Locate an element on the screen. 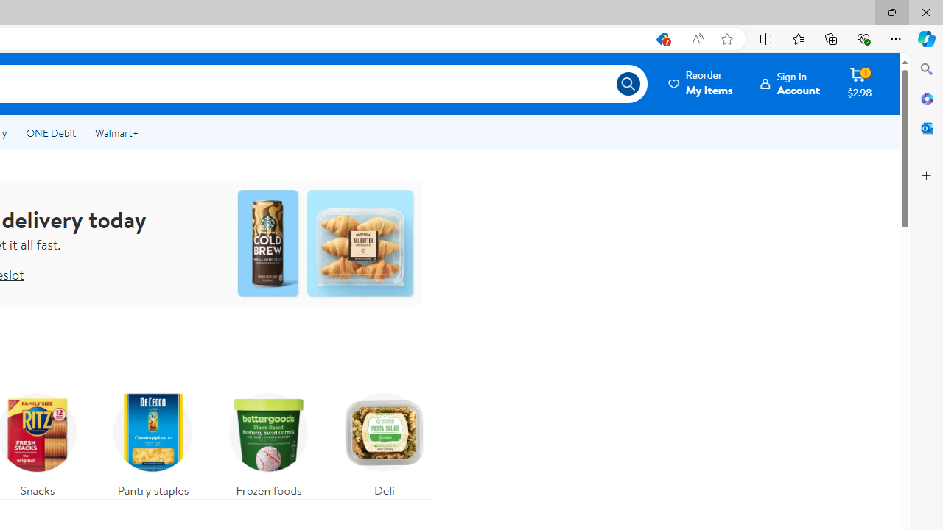 Image resolution: width=943 pixels, height=530 pixels. 'Deli' is located at coordinates (385, 440).